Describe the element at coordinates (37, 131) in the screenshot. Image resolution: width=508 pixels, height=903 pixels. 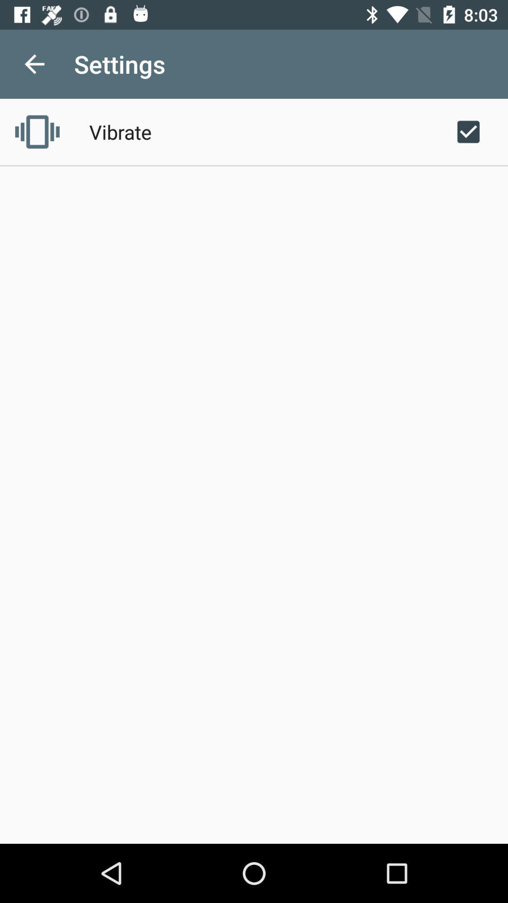
I see `the icon to the left of vibrate` at that location.